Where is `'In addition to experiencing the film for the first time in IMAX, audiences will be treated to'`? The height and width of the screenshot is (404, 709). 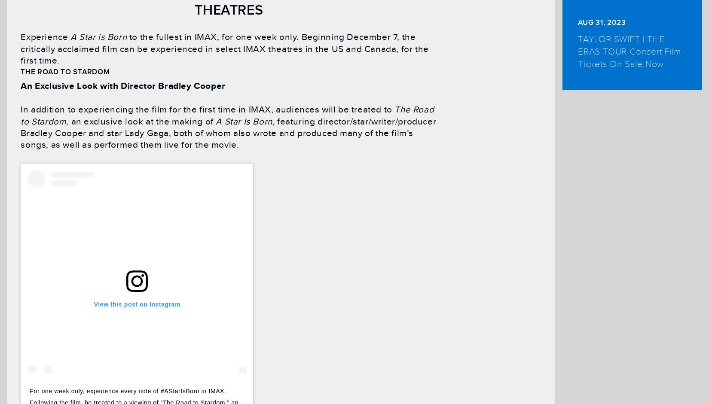
'In addition to experiencing the film for the first time in IMAX, audiences will be treated to' is located at coordinates (207, 109).